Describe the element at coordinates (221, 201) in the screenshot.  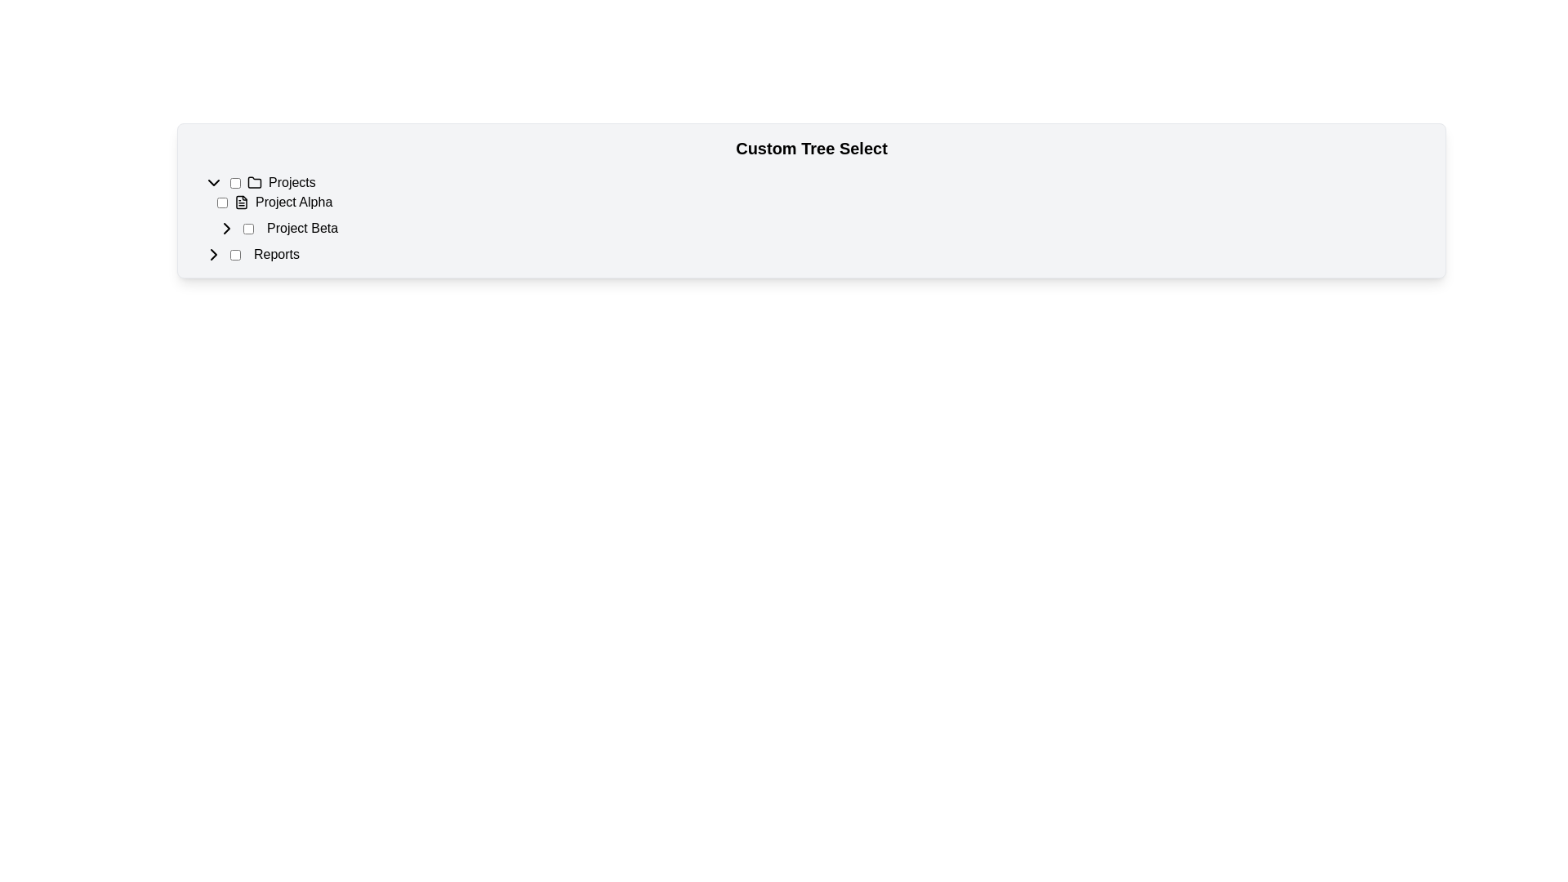
I see `the checkbox styled in a standard square design located next to the label 'Project Alpha'` at that location.